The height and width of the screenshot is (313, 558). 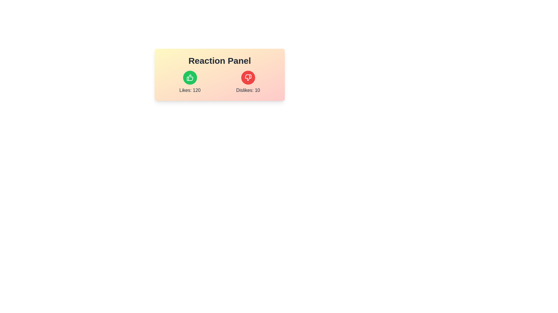 I want to click on the 'Dislike' button located in the 'Reaction Panel', so click(x=248, y=77).